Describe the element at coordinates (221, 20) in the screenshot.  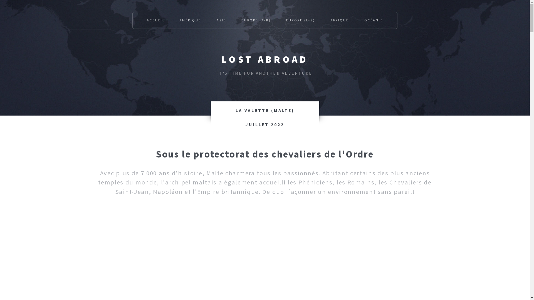
I see `'ASIE'` at that location.